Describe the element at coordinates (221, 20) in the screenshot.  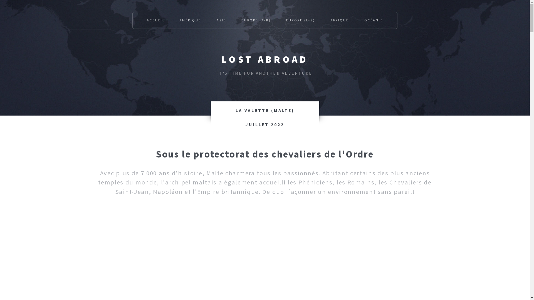
I see `'ASIE'` at that location.